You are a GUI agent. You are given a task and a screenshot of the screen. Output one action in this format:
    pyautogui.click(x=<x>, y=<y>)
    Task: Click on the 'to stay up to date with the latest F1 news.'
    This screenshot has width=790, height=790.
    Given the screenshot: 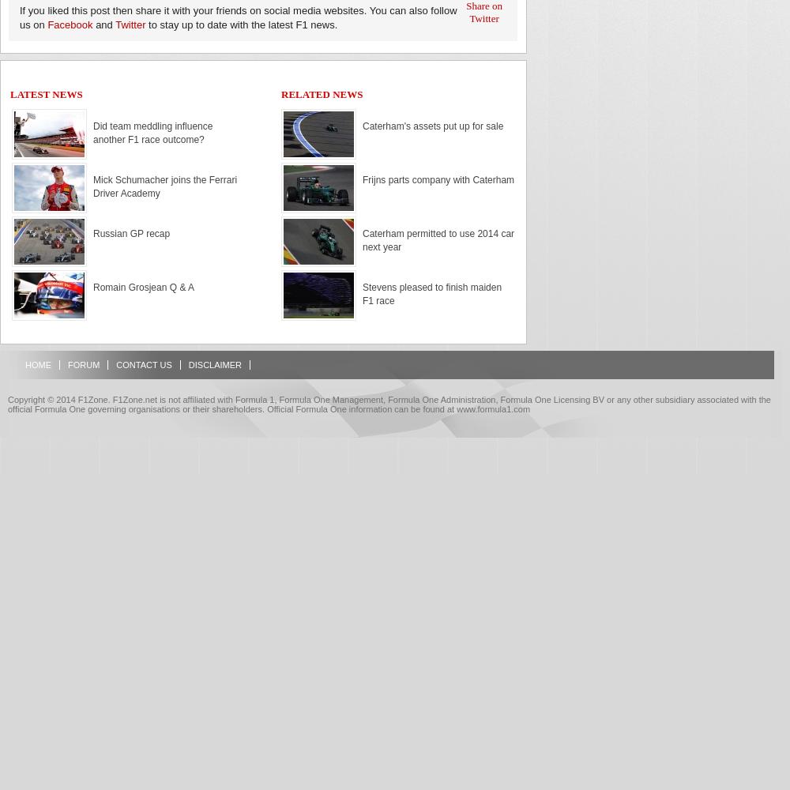 What is the action you would take?
    pyautogui.click(x=241, y=24)
    